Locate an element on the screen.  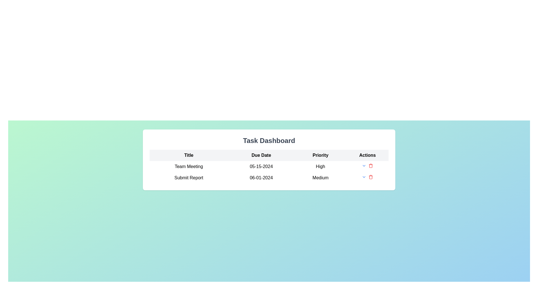
the blue downward-pointing chevron icon located in the 'Actions' column of the first row of the table is located at coordinates (364, 176).